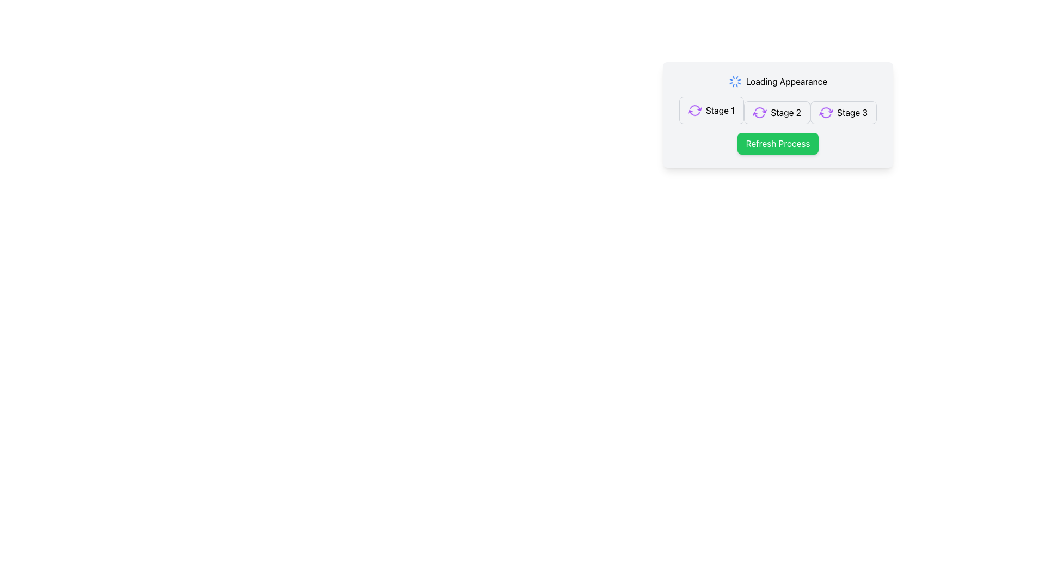 The width and height of the screenshot is (1045, 588). What do you see at coordinates (777, 143) in the screenshot?
I see `the green rectangular button labeled 'Refresh Process' to observe its hover effects` at bounding box center [777, 143].